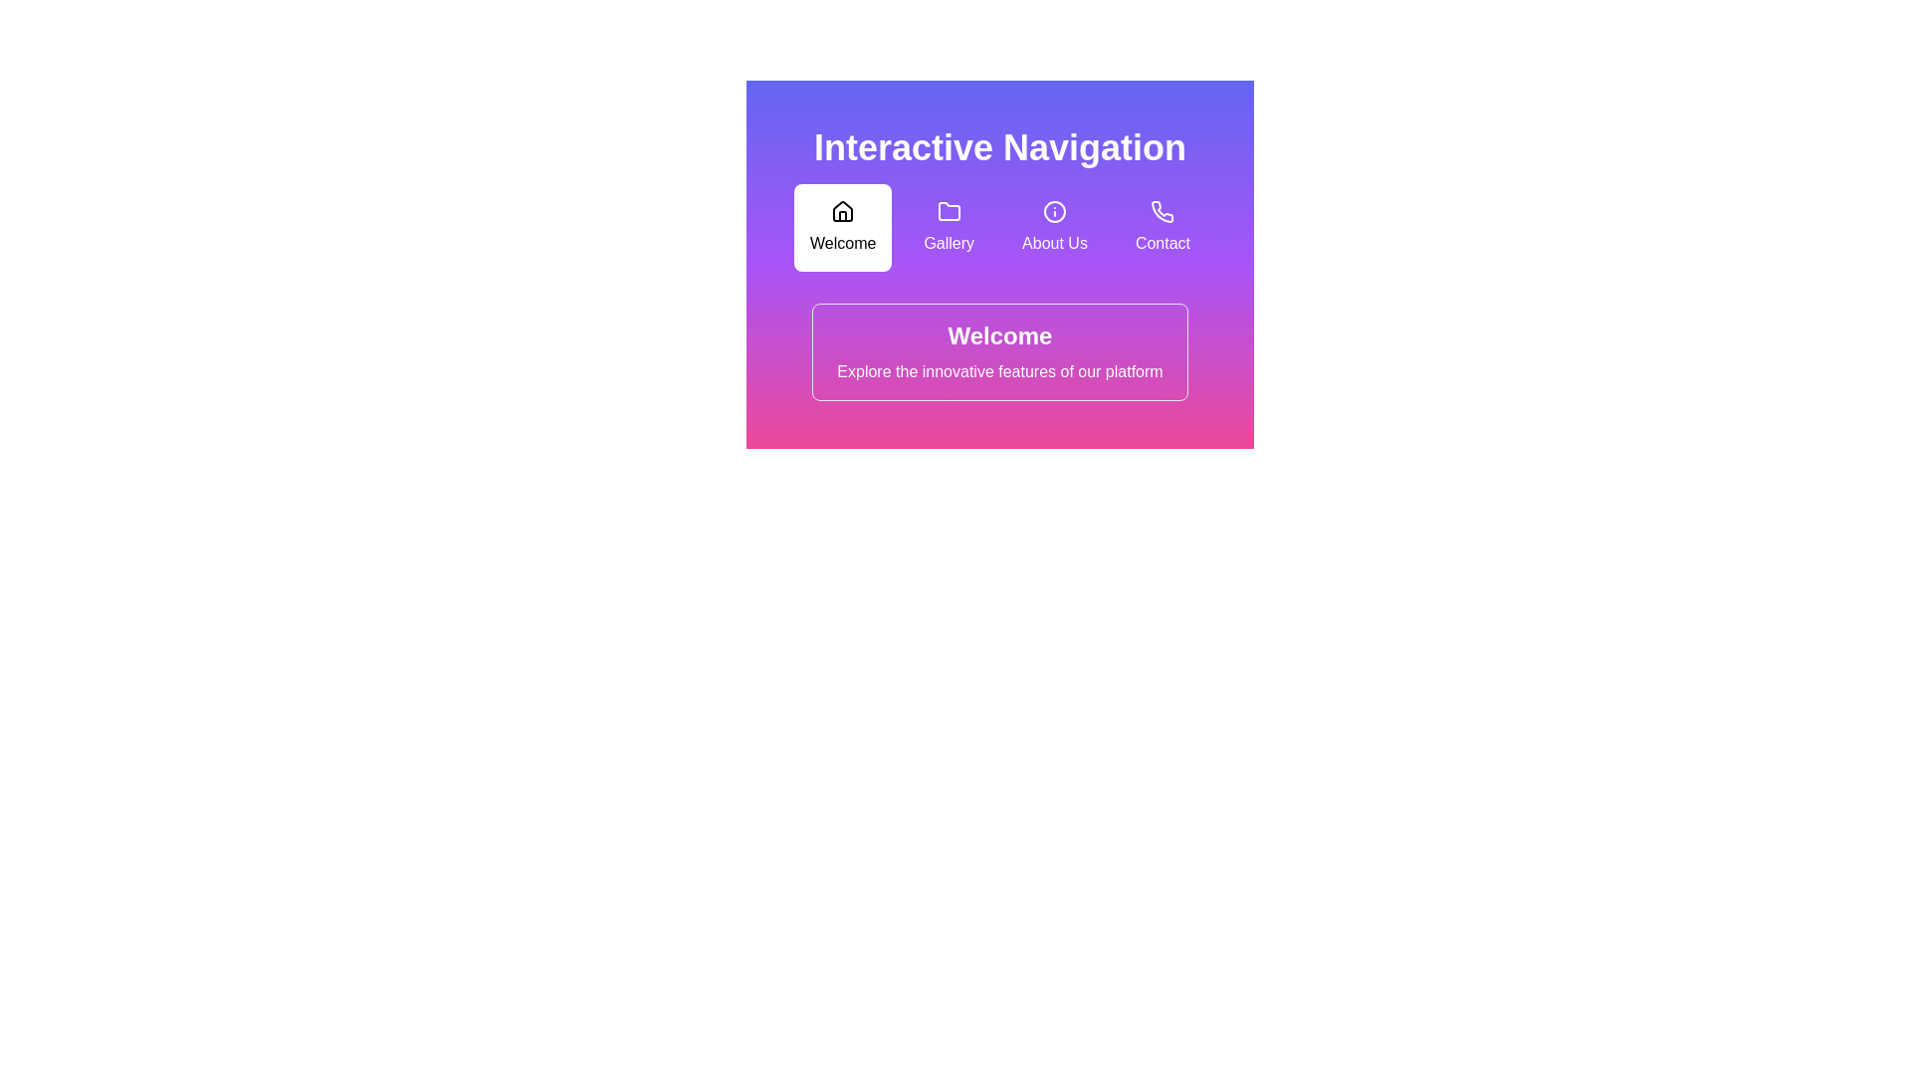 This screenshot has width=1911, height=1075. Describe the element at coordinates (843, 243) in the screenshot. I see `the text label displaying 'Welcome' located within a white rounded rectangular area, positioned under a house icon` at that location.